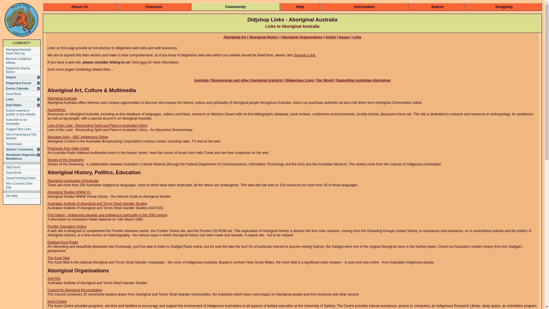  I want to click on 'Site Map', so click(3, 195).